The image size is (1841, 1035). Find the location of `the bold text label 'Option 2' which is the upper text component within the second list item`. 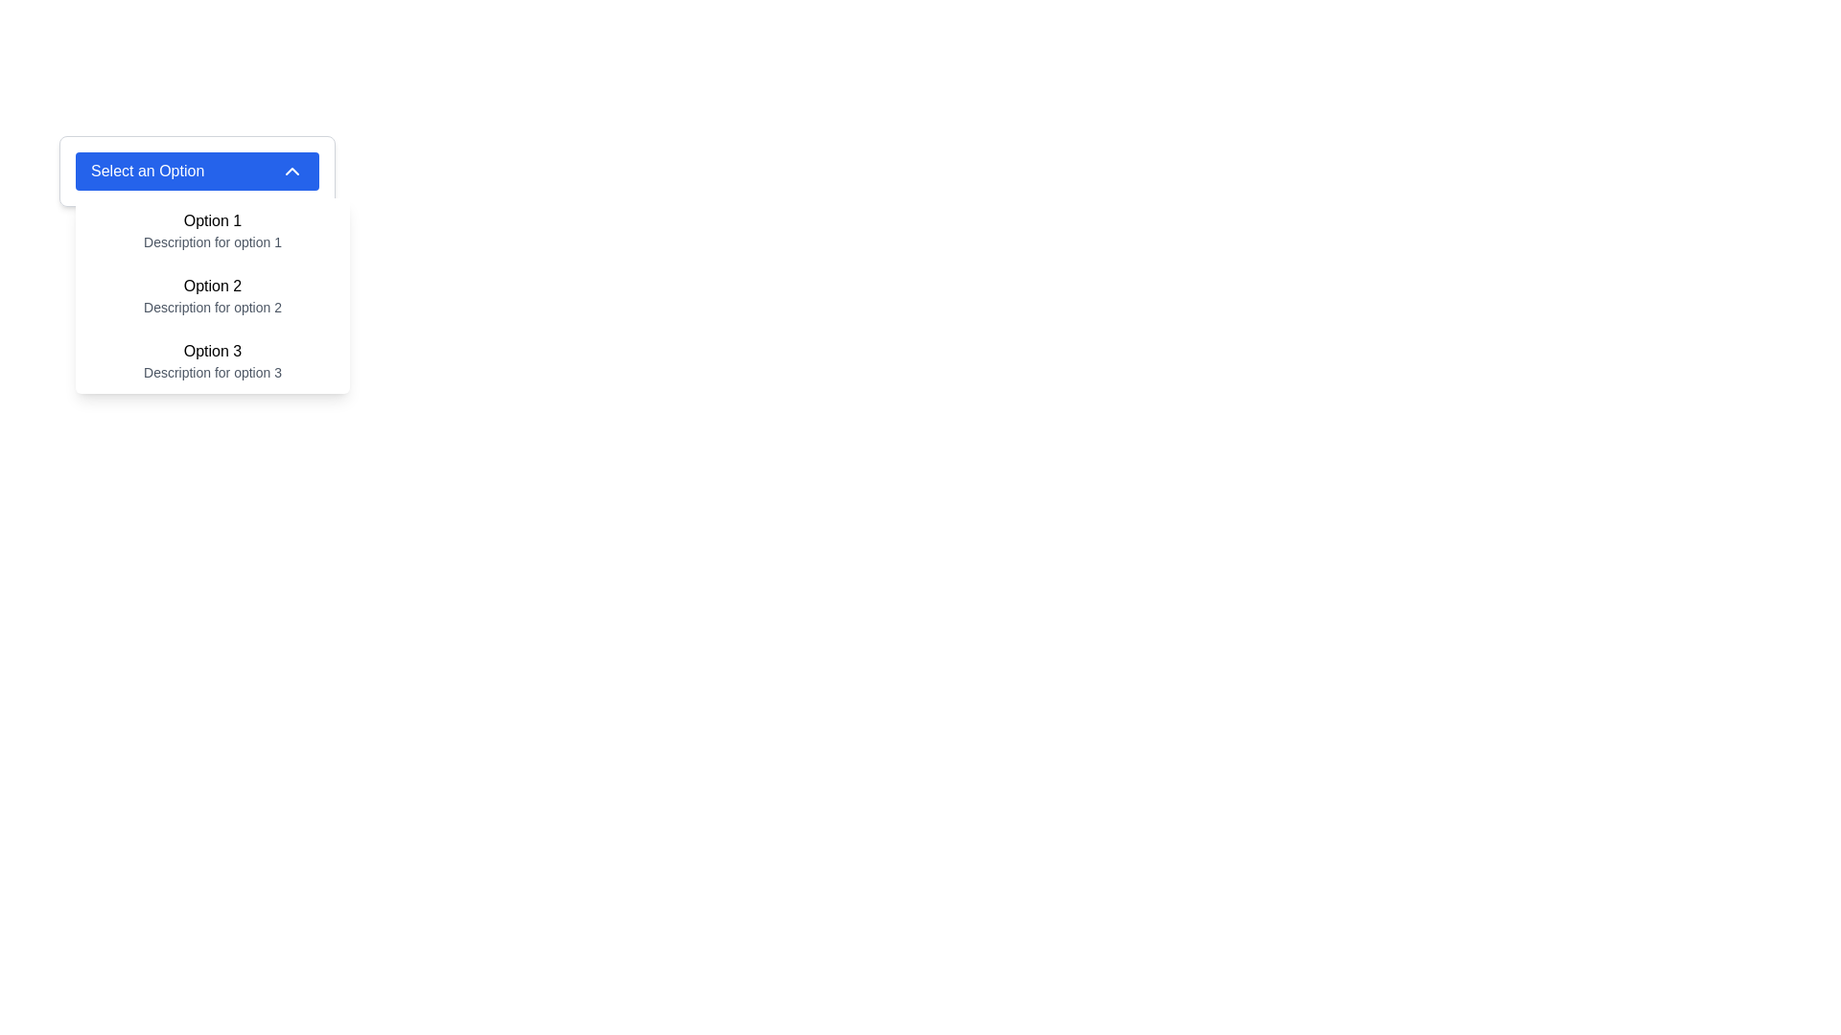

the bold text label 'Option 2' which is the upper text component within the second list item is located at coordinates (212, 287).